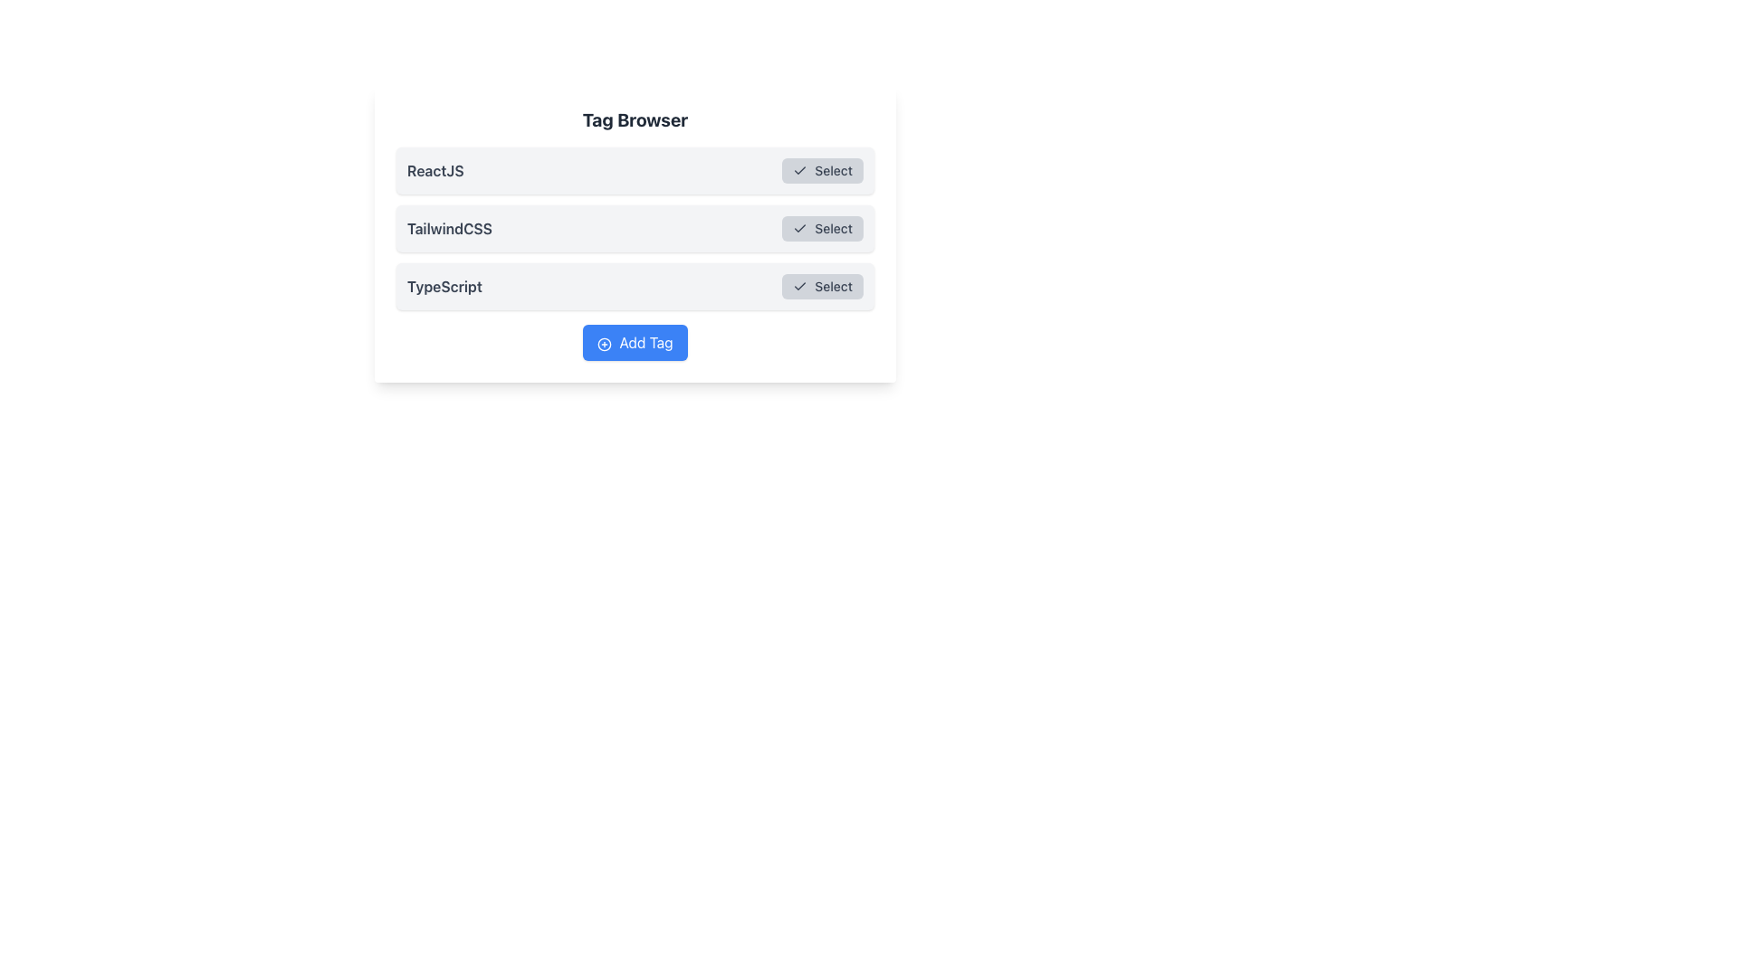 The image size is (1738, 977). What do you see at coordinates (799, 171) in the screenshot?
I see `the icon that indicates the associated item has been selected, positioned at the beginning of the 'Select' button` at bounding box center [799, 171].